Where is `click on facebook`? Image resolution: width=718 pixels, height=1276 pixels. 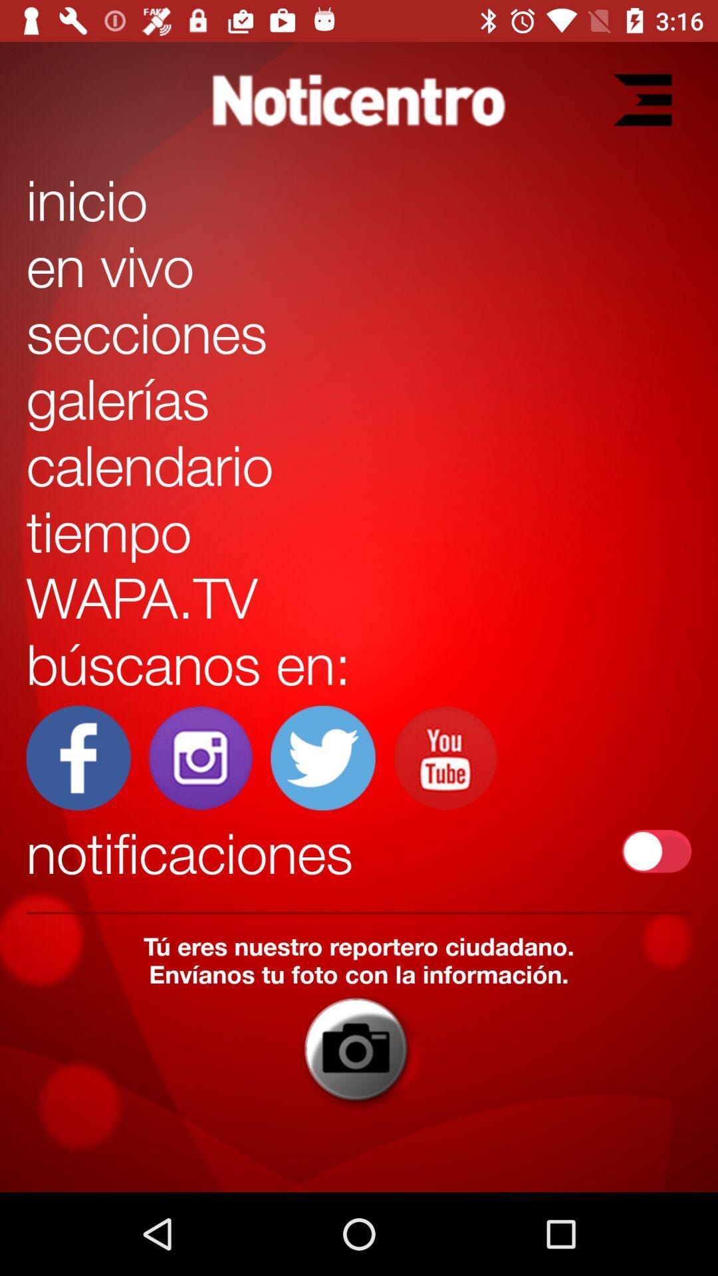 click on facebook is located at coordinates (78, 758).